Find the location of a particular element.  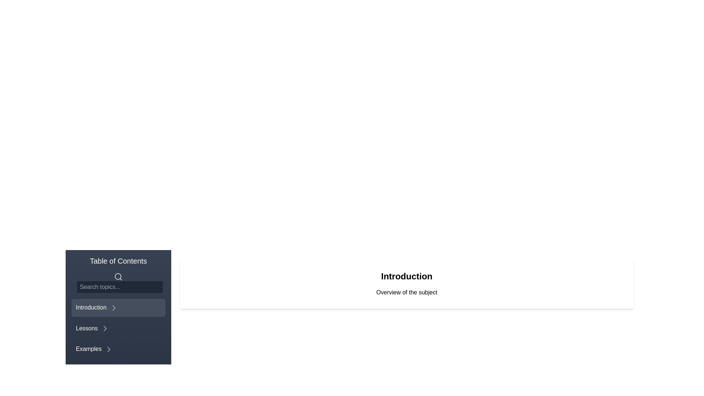

the navigational button or icon located to the right of the 'Introduction' text in the 'Table of Contents' is located at coordinates (113, 308).